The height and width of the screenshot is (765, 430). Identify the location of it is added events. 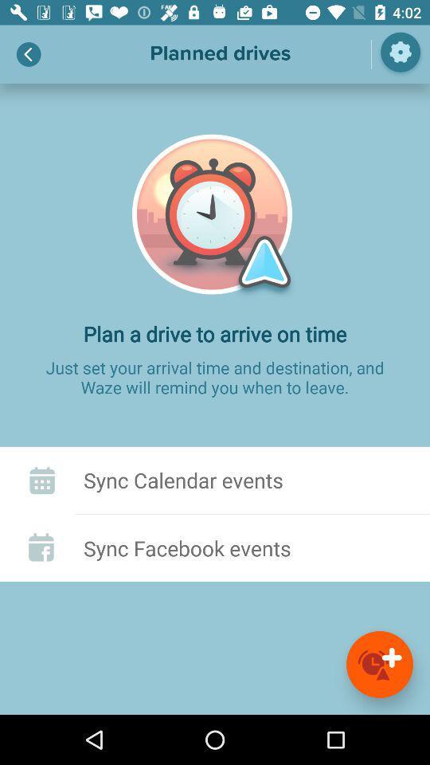
(378, 664).